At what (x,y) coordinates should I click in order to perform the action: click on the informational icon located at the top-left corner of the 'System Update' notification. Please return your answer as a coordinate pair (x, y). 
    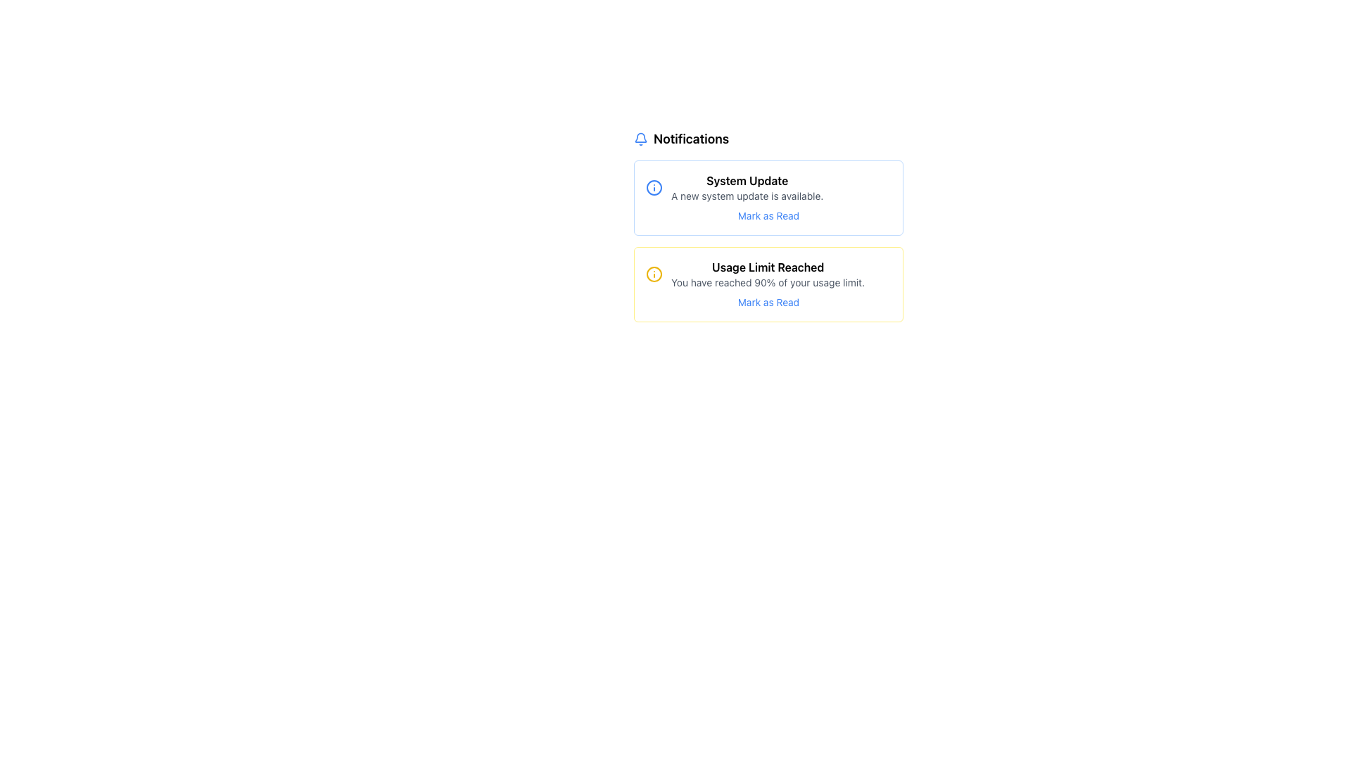
    Looking at the image, I should click on (654, 186).